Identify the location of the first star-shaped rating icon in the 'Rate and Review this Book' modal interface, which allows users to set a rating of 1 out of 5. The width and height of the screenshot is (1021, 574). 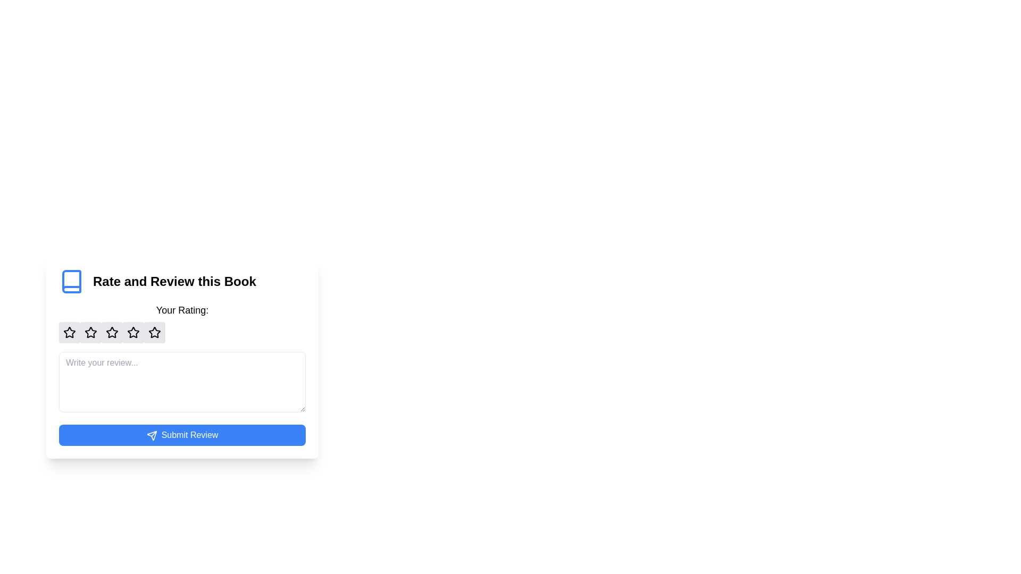
(69, 332).